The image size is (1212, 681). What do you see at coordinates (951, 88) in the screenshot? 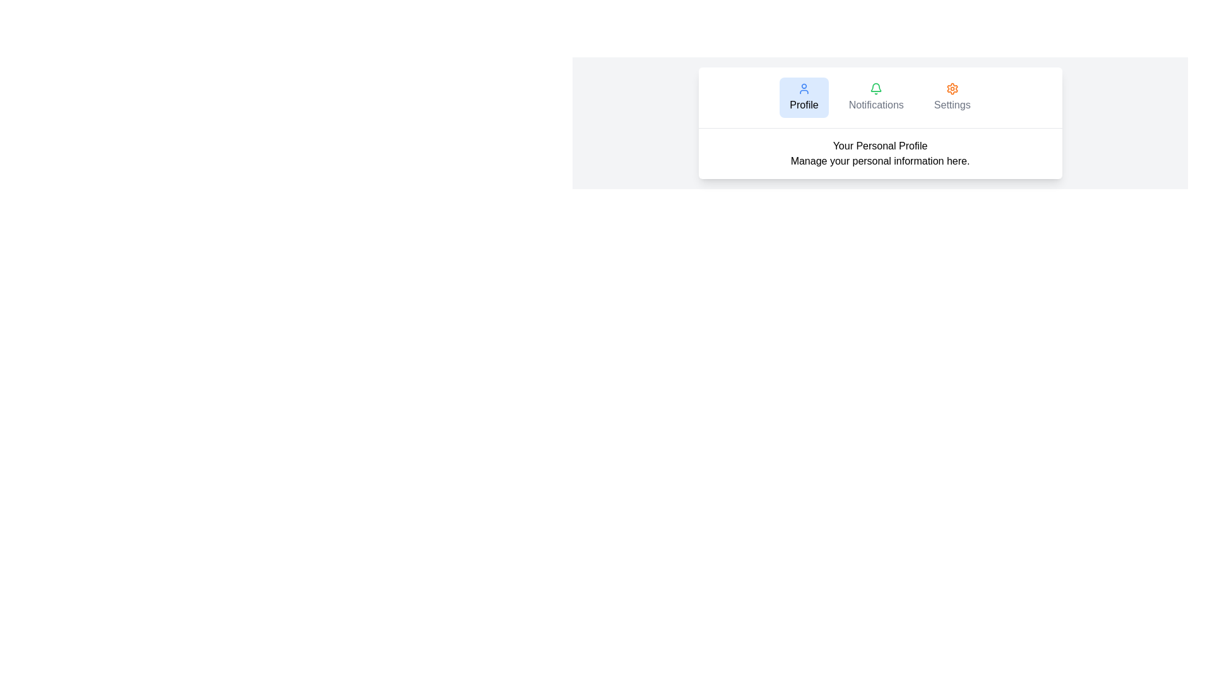
I see `the Settings icon to switch to the corresponding tab` at bounding box center [951, 88].